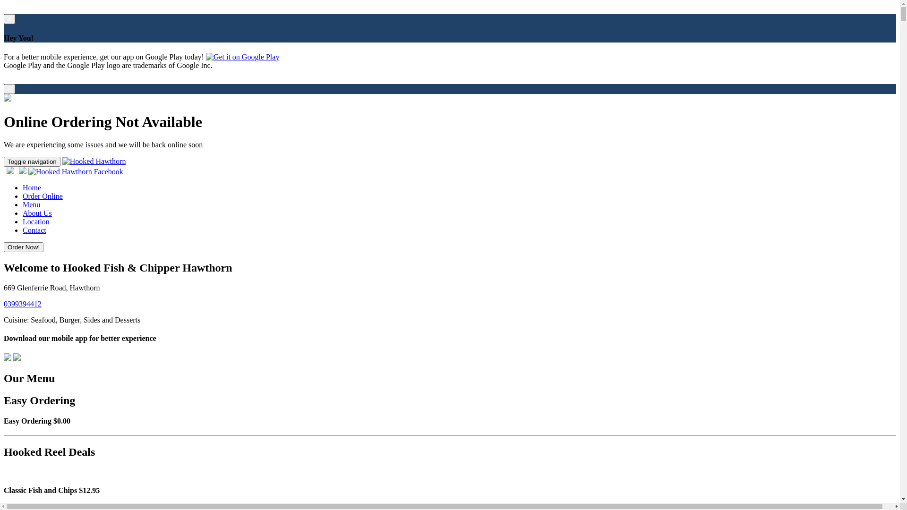 This screenshot has height=510, width=907. Describe the element at coordinates (42, 195) in the screenshot. I see `'Order Online'` at that location.